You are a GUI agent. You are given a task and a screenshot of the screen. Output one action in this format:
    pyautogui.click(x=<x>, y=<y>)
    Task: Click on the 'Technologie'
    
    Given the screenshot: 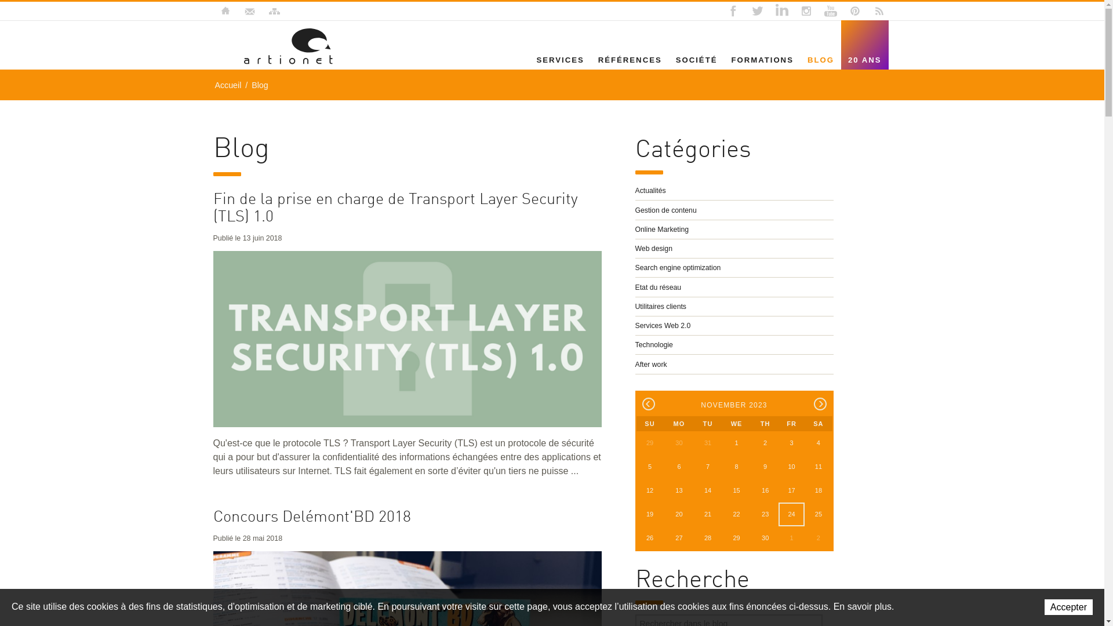 What is the action you would take?
    pyautogui.click(x=634, y=344)
    